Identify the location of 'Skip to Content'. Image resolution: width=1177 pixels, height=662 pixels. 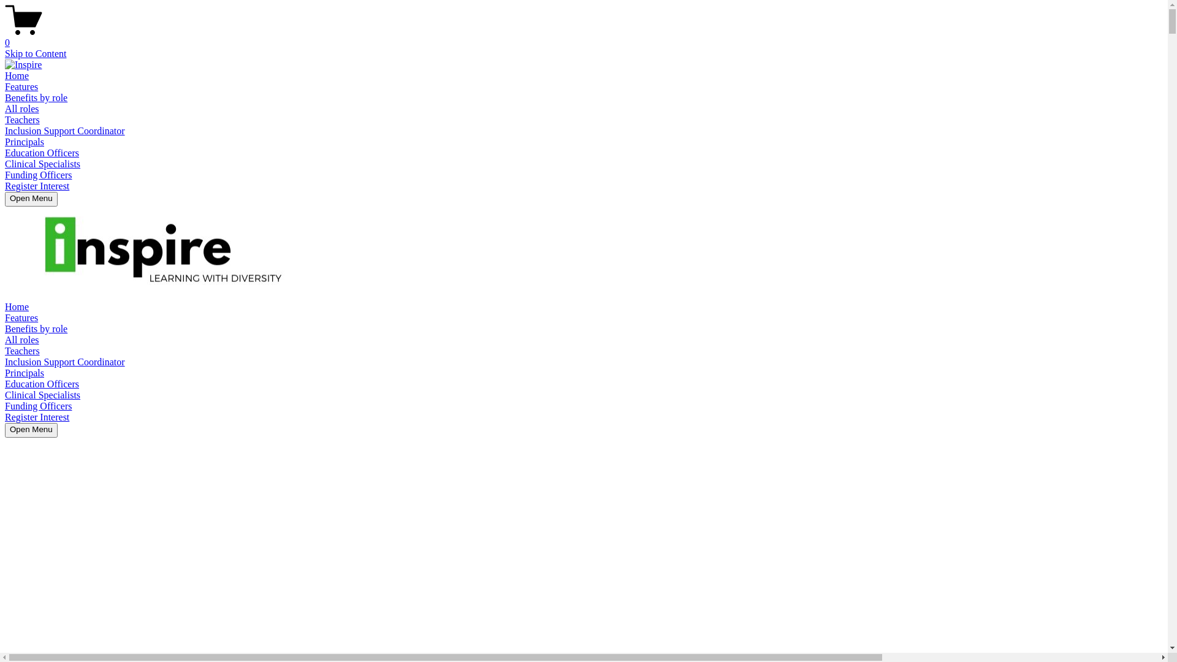
(35, 53).